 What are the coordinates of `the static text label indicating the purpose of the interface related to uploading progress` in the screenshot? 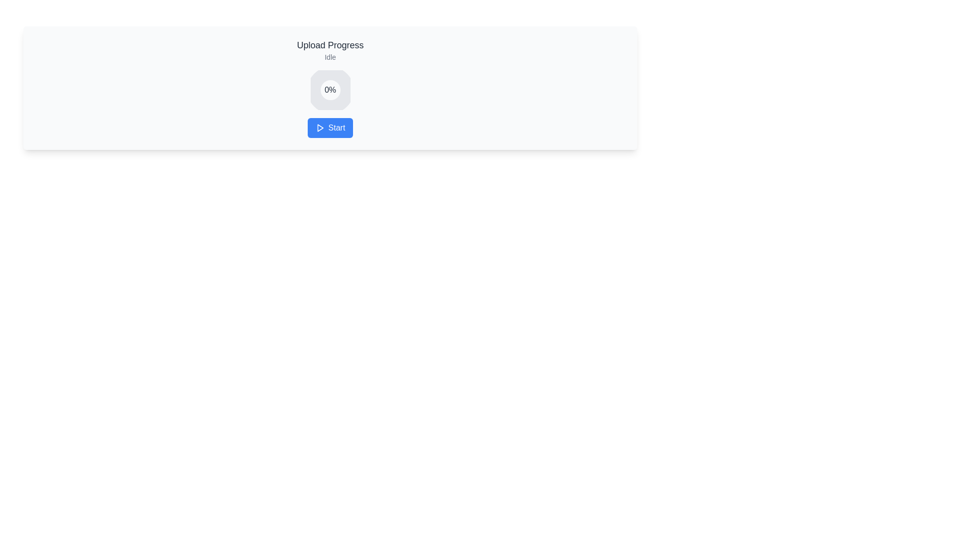 It's located at (330, 45).